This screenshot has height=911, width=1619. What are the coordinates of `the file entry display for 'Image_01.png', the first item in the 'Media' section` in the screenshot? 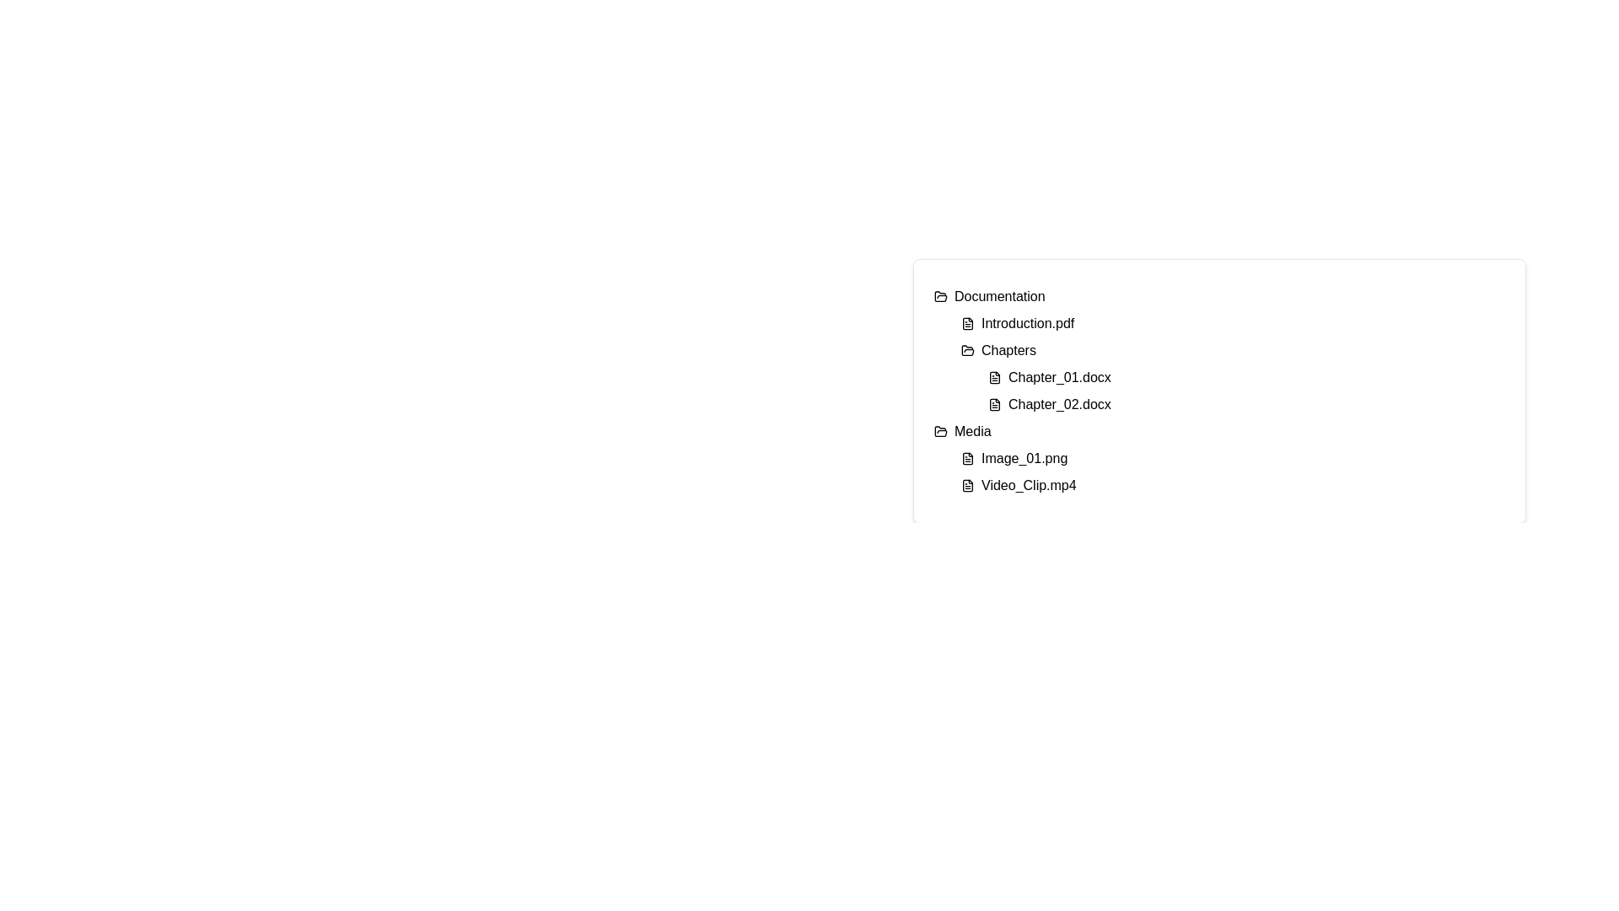 It's located at (1233, 458).